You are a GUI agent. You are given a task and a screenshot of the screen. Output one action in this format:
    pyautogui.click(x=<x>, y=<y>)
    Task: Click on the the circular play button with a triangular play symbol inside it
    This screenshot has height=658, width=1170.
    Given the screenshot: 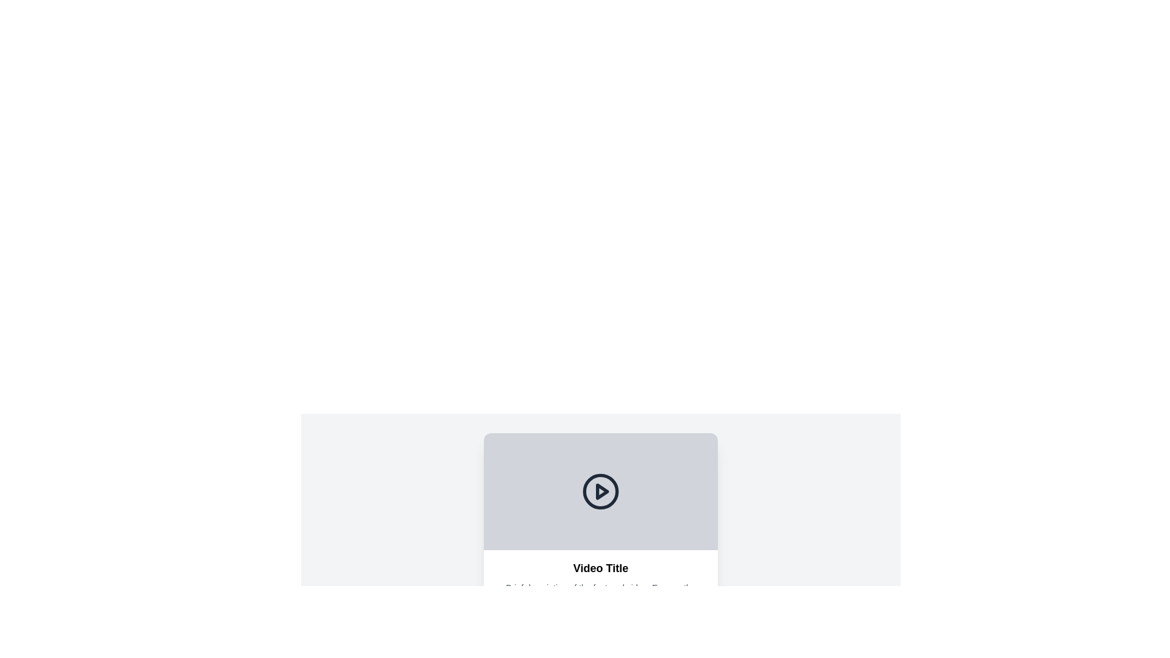 What is the action you would take?
    pyautogui.click(x=600, y=490)
    